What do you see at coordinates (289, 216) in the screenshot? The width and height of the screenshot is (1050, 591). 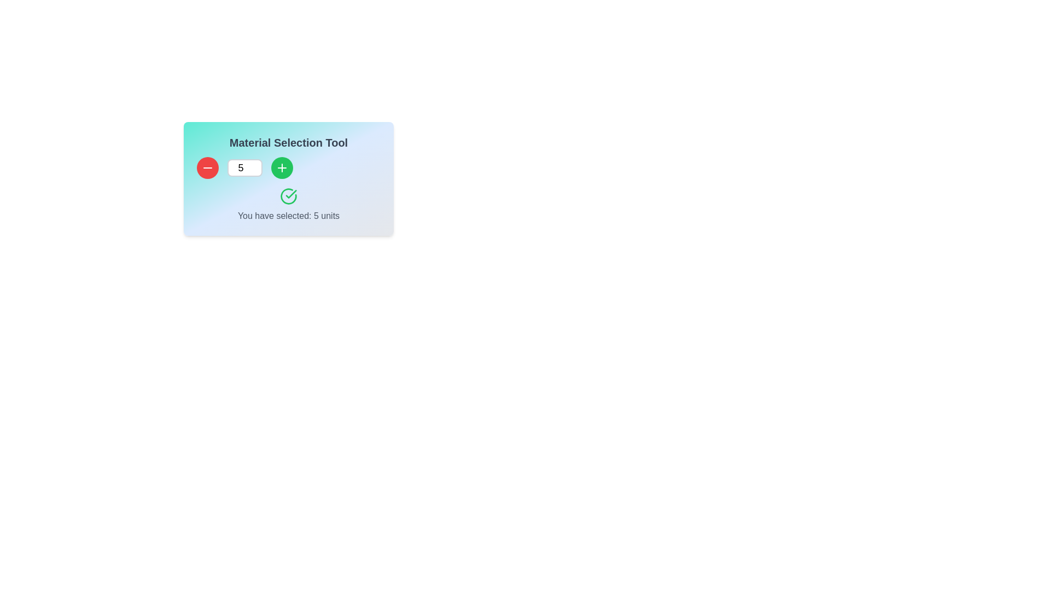 I see `the static text displaying 'You have selected: 5 units', which is centrally aligned below the green checkmark icon and number input interface` at bounding box center [289, 216].